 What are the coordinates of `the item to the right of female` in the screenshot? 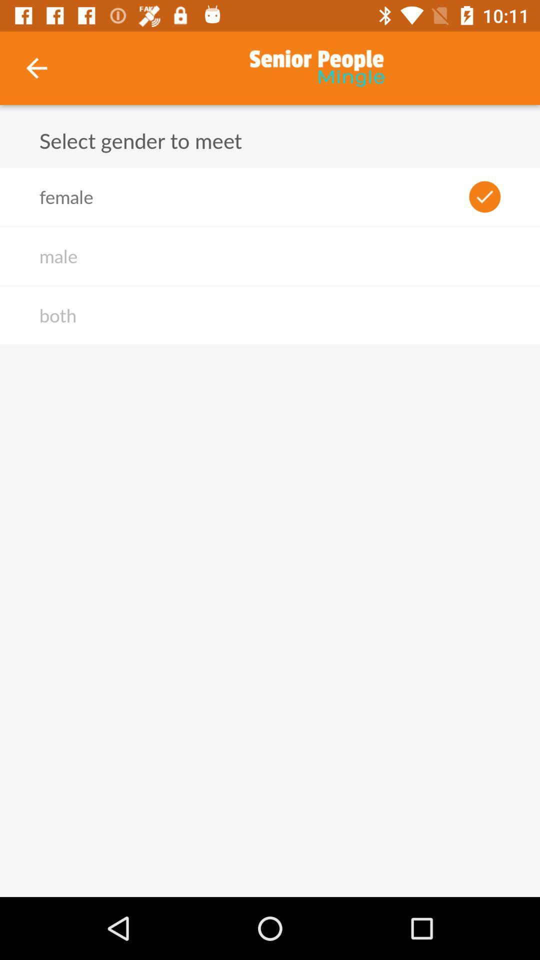 It's located at (484, 196).